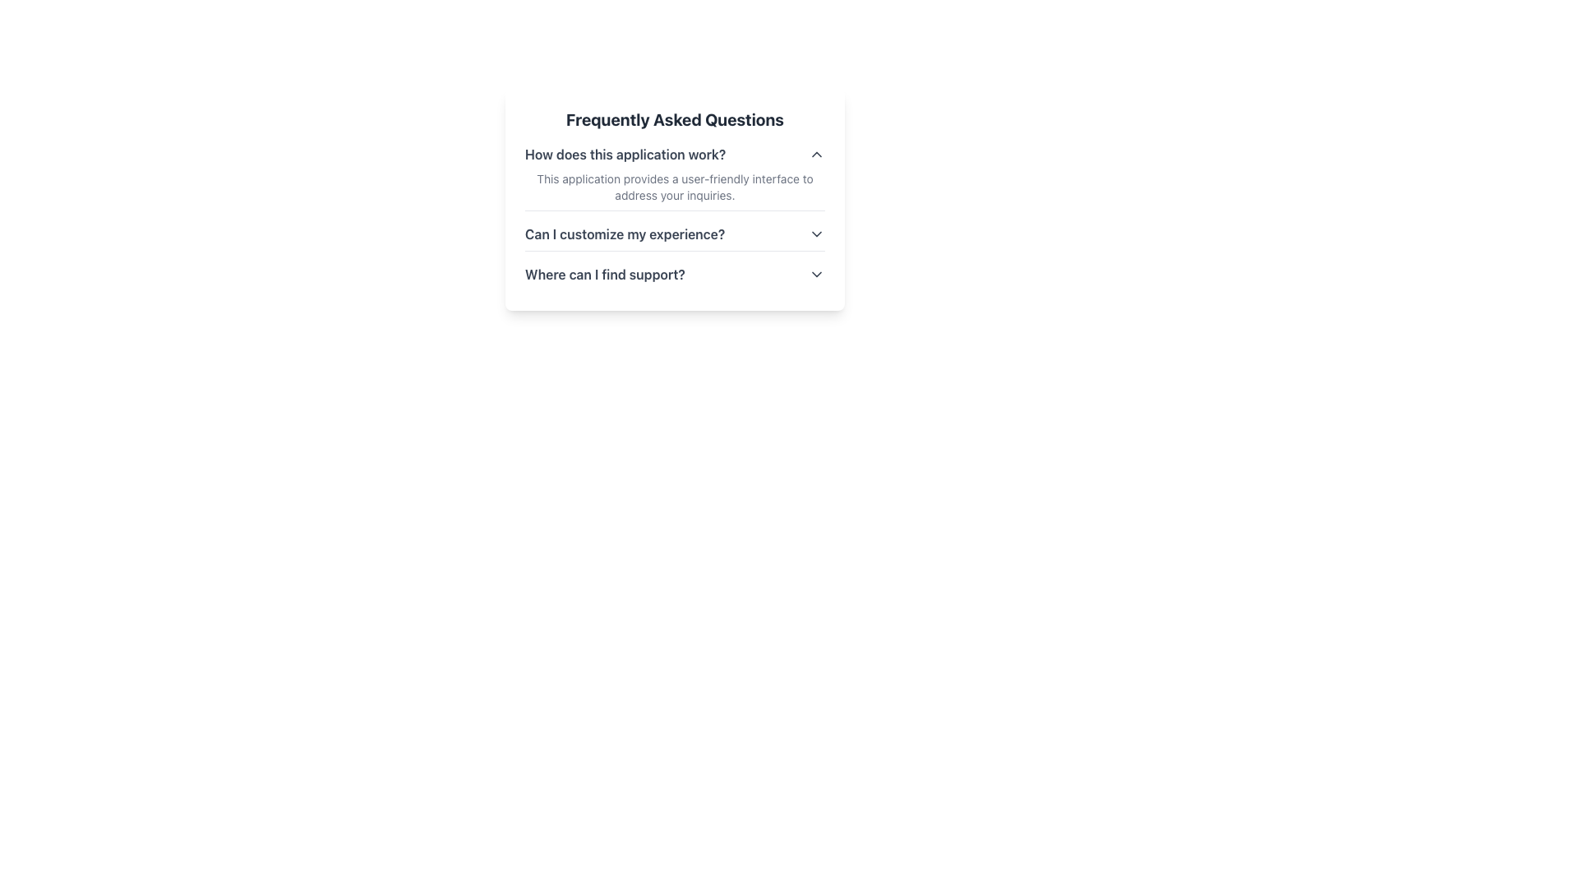 Image resolution: width=1578 pixels, height=888 pixels. Describe the element at coordinates (816, 234) in the screenshot. I see `the chevron-down icon located to the right of the text 'Can I customize my experience?' in the FAQ interface` at that location.